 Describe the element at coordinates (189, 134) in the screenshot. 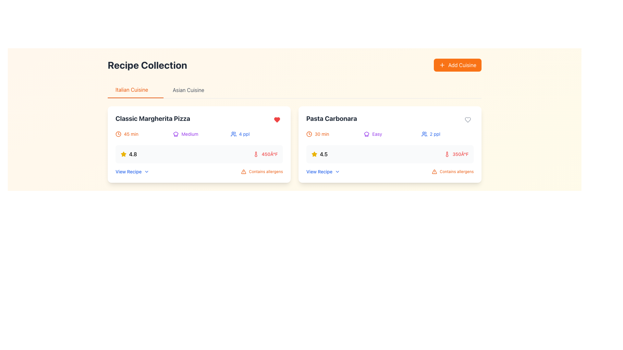

I see `difficulty level indicator text displayed in the first recipe card under the 'Italian Cuisine' tab, located centrally in the card layout` at that location.